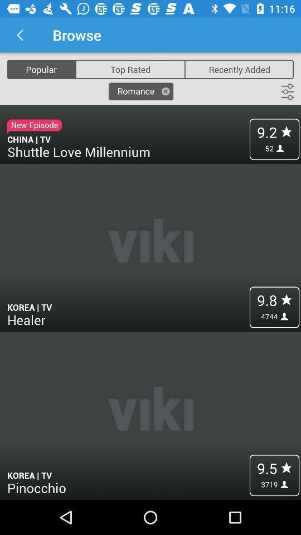  Describe the element at coordinates (9, 35) in the screenshot. I see `the star icon` at that location.